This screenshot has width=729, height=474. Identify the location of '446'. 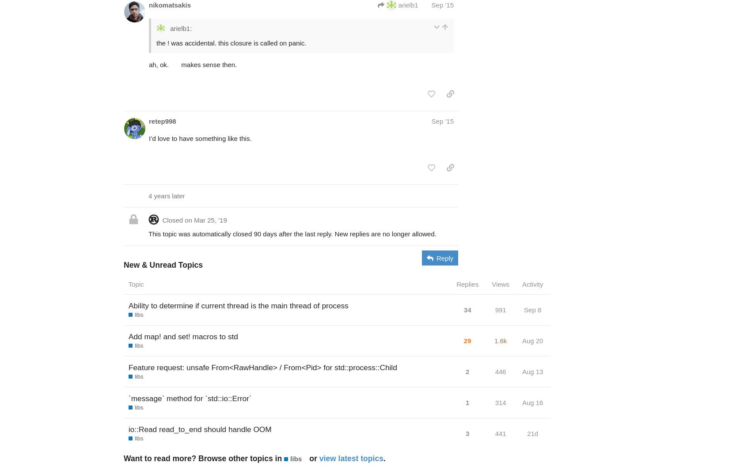
(500, 371).